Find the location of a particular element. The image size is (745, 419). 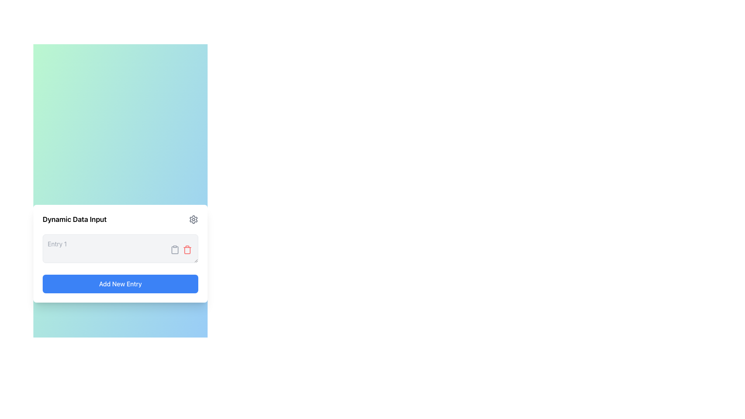

the clipboard icon is located at coordinates (175, 250).